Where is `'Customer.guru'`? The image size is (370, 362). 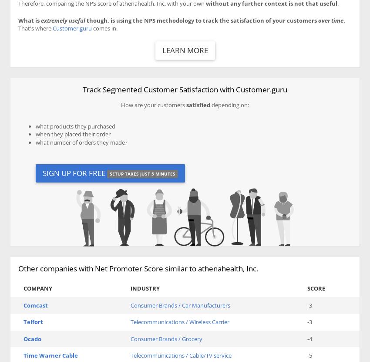 'Customer.guru' is located at coordinates (72, 27).